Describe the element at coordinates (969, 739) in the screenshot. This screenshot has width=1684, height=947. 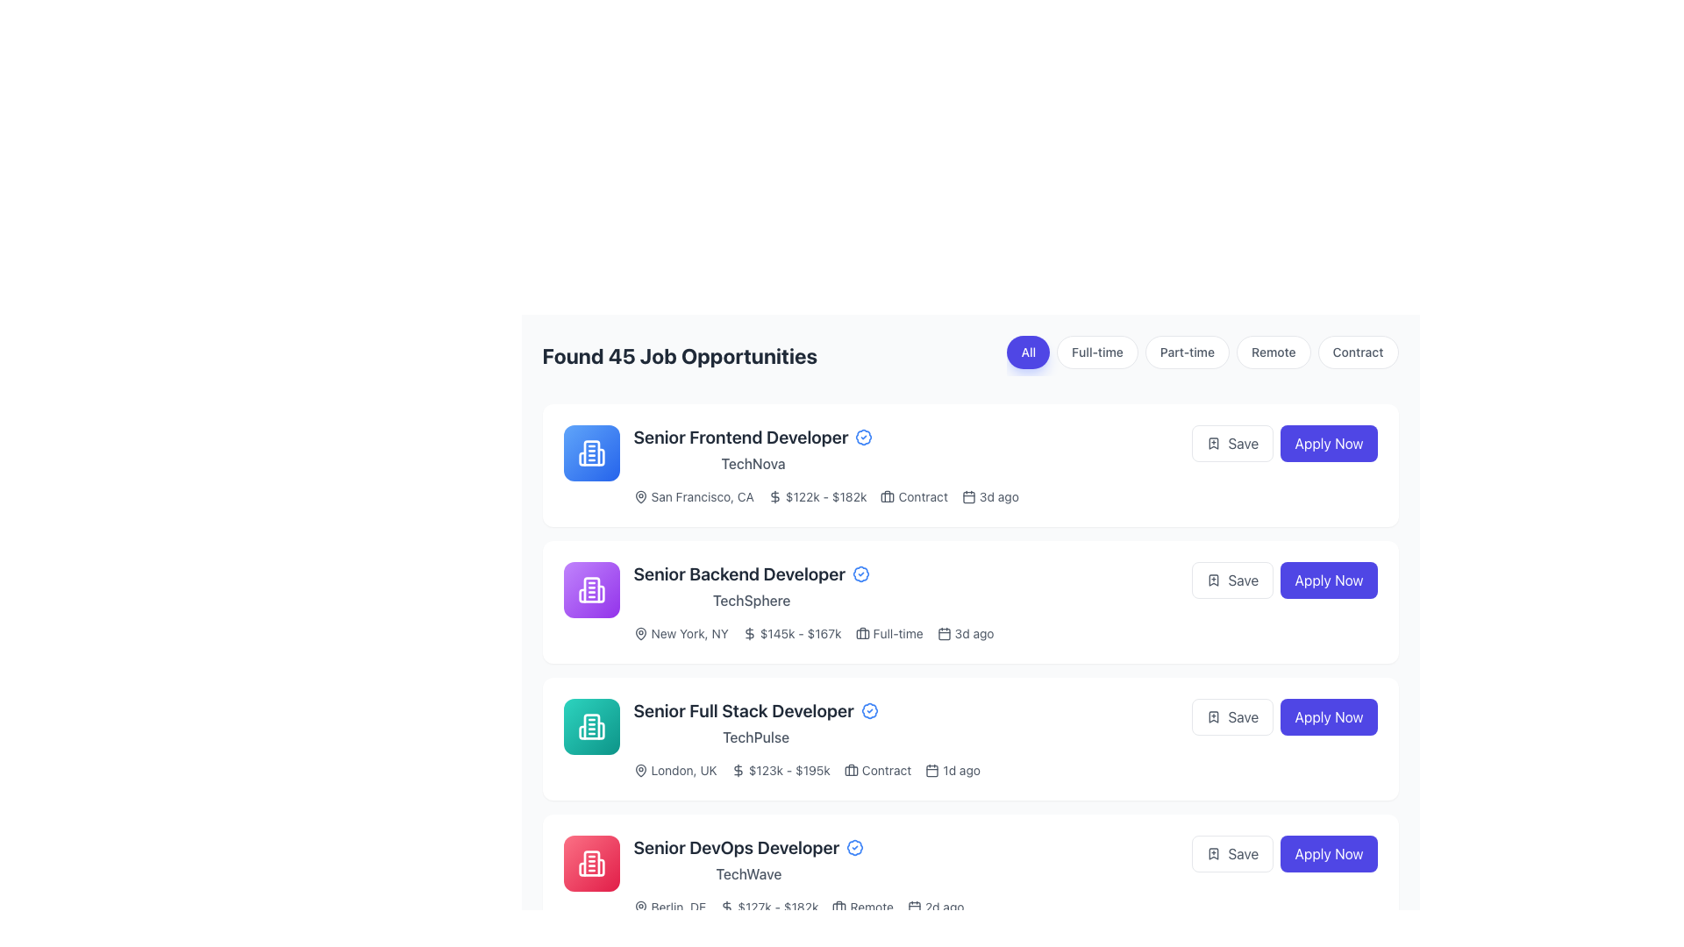
I see `the 'Apply Now' button on the job card for the position of 'Senior Full Stack Developer' at 'TechPulse' to apply for the job` at that location.